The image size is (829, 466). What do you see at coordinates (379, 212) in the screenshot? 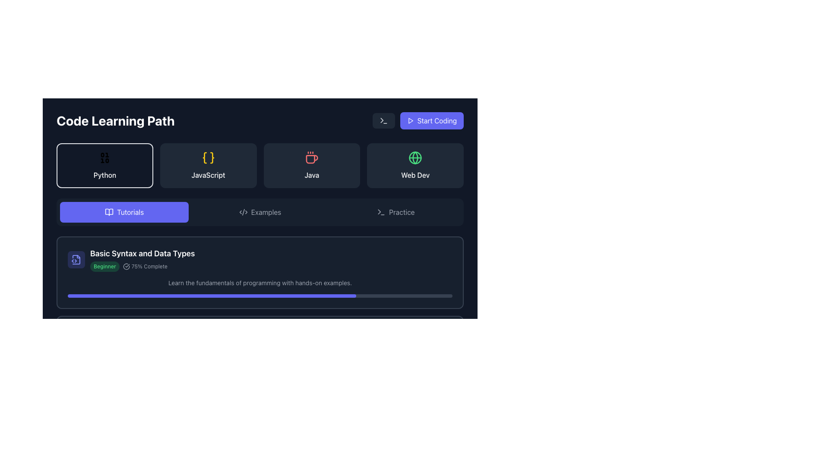
I see `the triangular icon element located in the top right corner of the interface, adjacent to the 'Start Coding' button` at bounding box center [379, 212].